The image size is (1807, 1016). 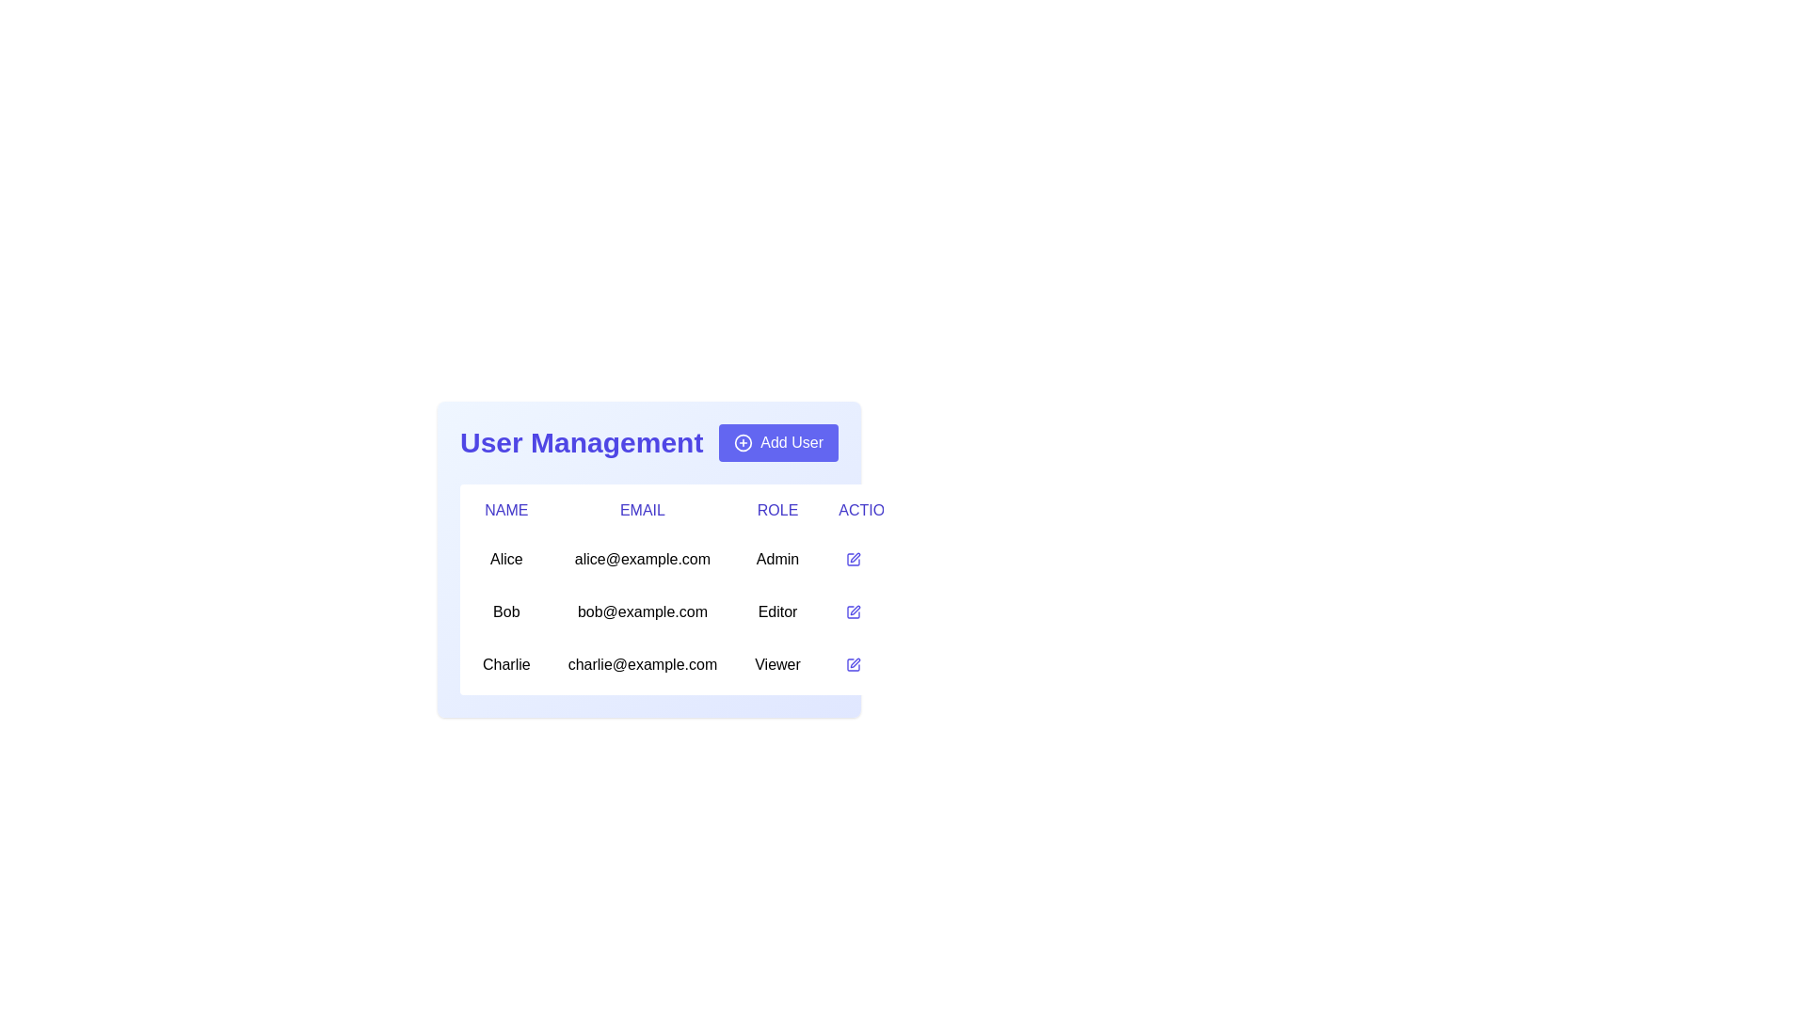 What do you see at coordinates (777, 612) in the screenshot?
I see `the 'Editor' text label located in the second row under the 'Role' column, which is to the right of the 'Email' column displaying 'bob@example.com'` at bounding box center [777, 612].